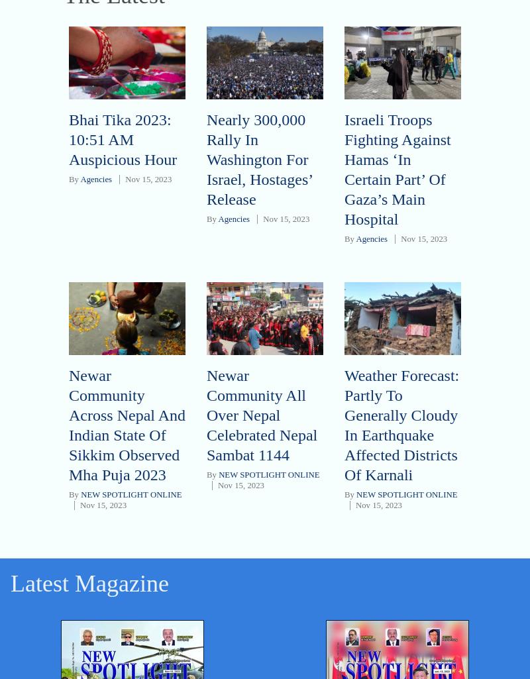 This screenshot has width=530, height=679. I want to click on 'Bhai Tika 2023: 10:51 AM Auspicious Hour', so click(122, 140).